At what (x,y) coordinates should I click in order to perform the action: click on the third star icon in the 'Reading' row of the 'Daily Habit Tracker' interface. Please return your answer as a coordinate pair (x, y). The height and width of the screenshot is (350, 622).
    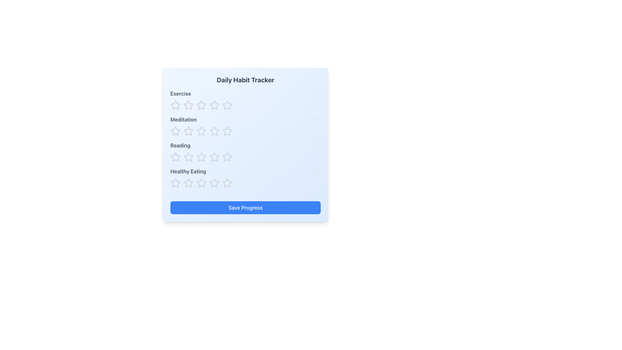
    Looking at the image, I should click on (175, 157).